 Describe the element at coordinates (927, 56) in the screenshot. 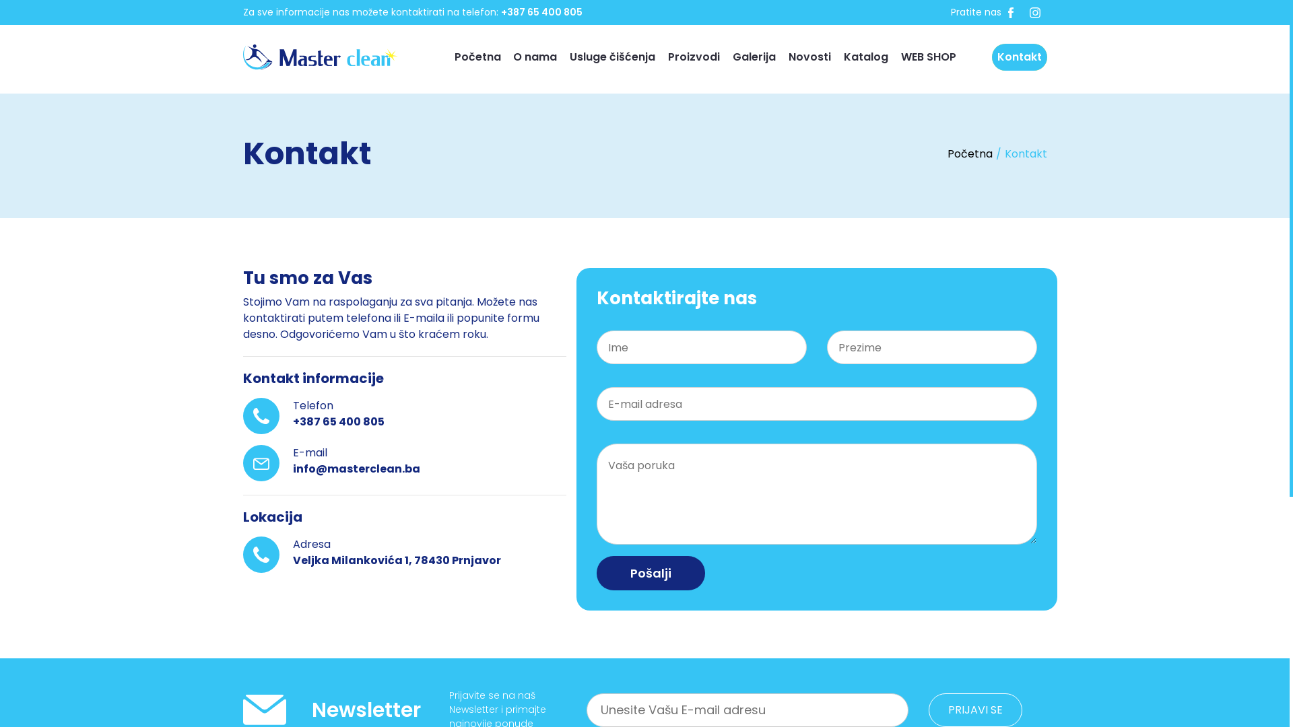

I see `'WEB SHOP'` at that location.